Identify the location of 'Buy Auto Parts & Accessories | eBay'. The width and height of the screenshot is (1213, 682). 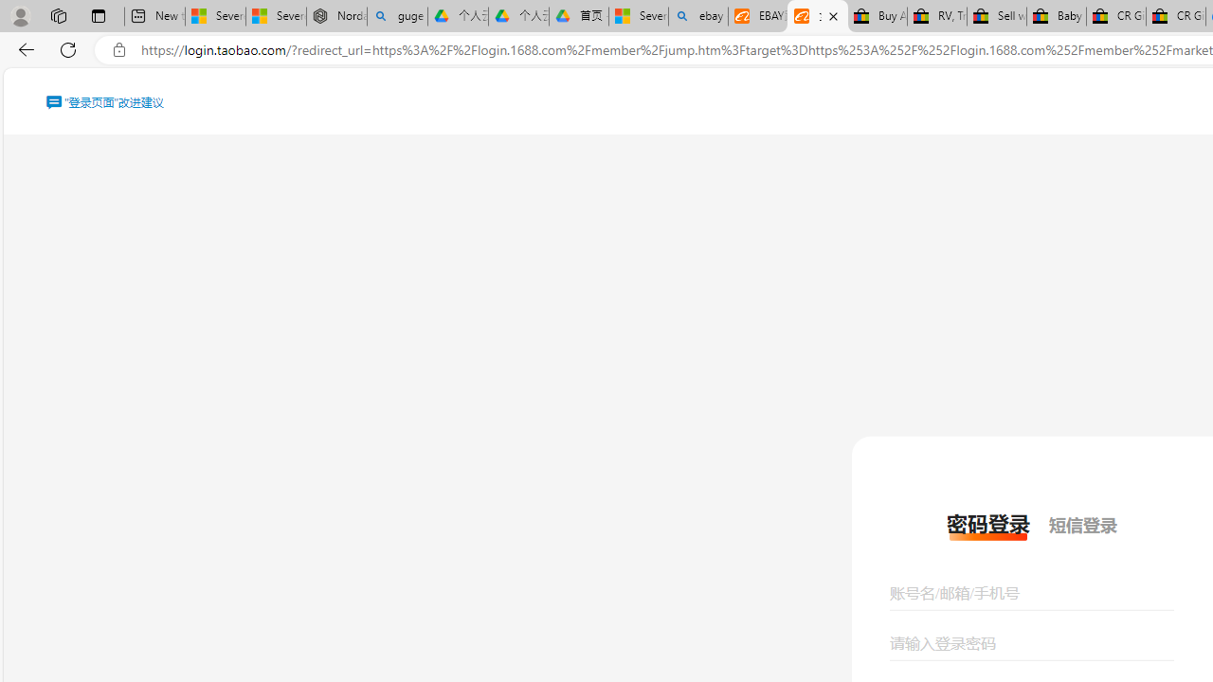
(877, 16).